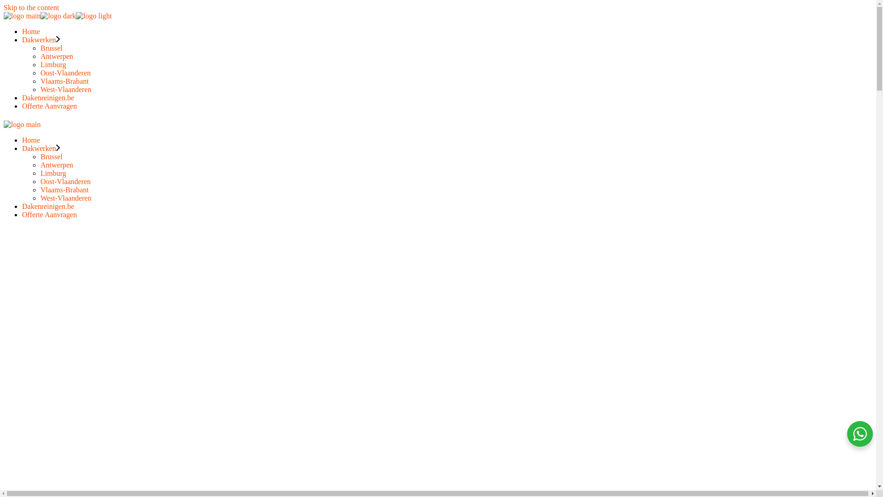 This screenshot has height=497, width=883. I want to click on 'Dakwerken', so click(40, 39).